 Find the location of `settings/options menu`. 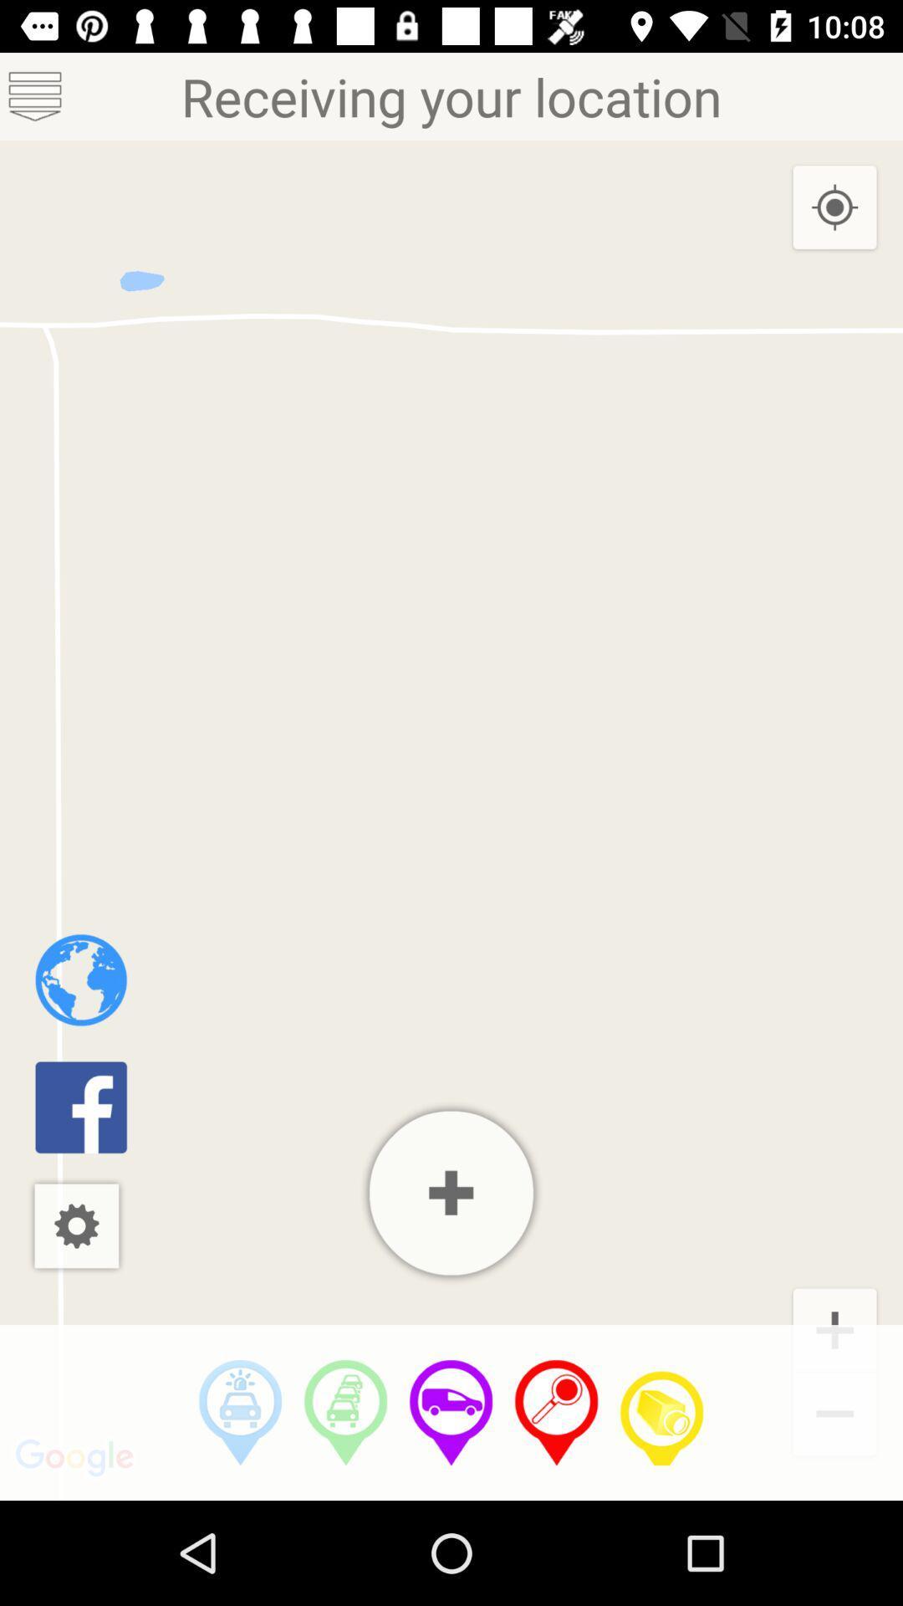

settings/options menu is located at coordinates (76, 1225).